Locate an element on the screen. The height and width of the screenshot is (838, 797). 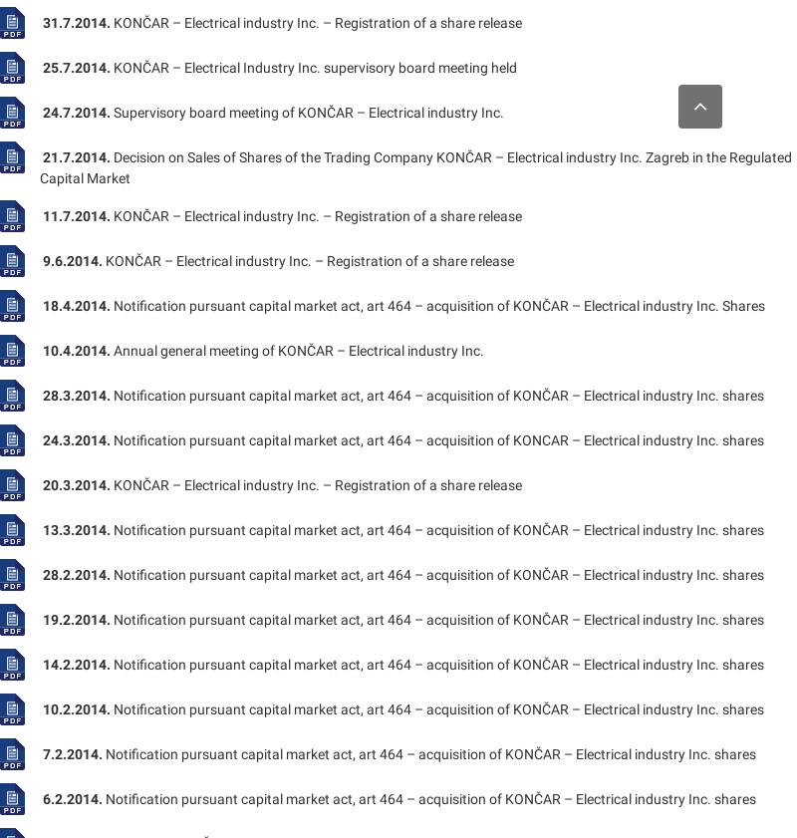
'11.7.2014.' is located at coordinates (41, 213).